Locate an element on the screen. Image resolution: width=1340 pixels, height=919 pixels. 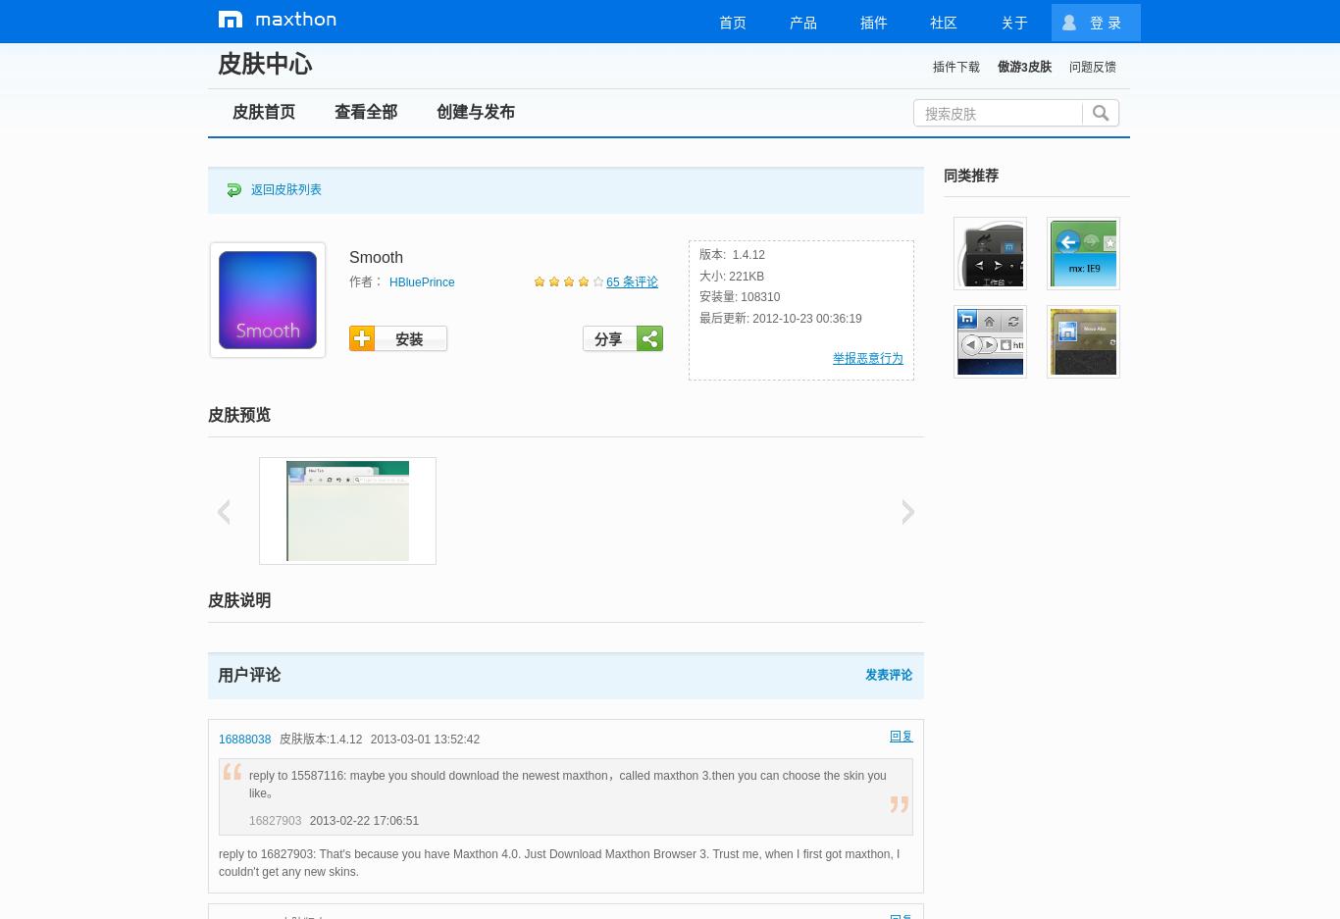
'HBluePrince' is located at coordinates (421, 282).